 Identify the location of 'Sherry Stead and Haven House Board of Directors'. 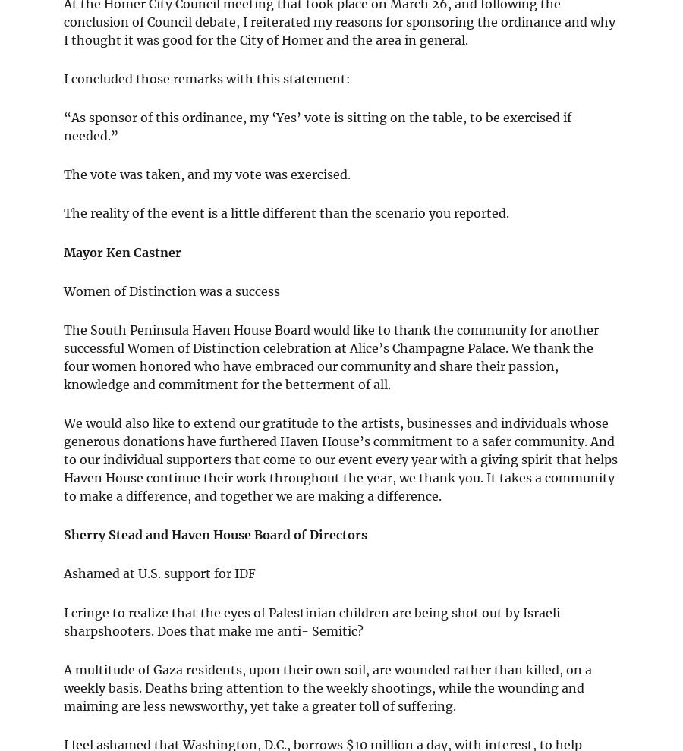
(215, 533).